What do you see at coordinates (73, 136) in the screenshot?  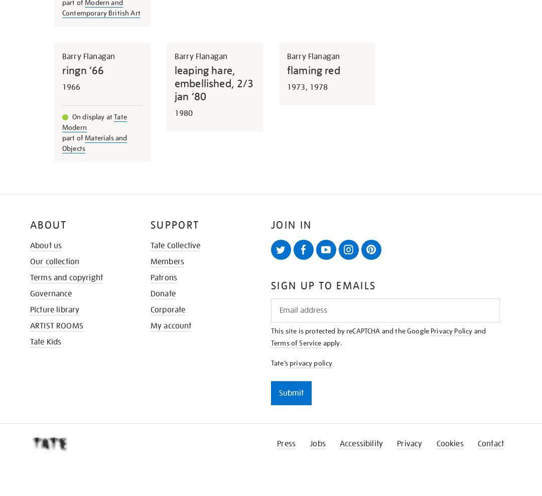 I see `'part of'` at bounding box center [73, 136].